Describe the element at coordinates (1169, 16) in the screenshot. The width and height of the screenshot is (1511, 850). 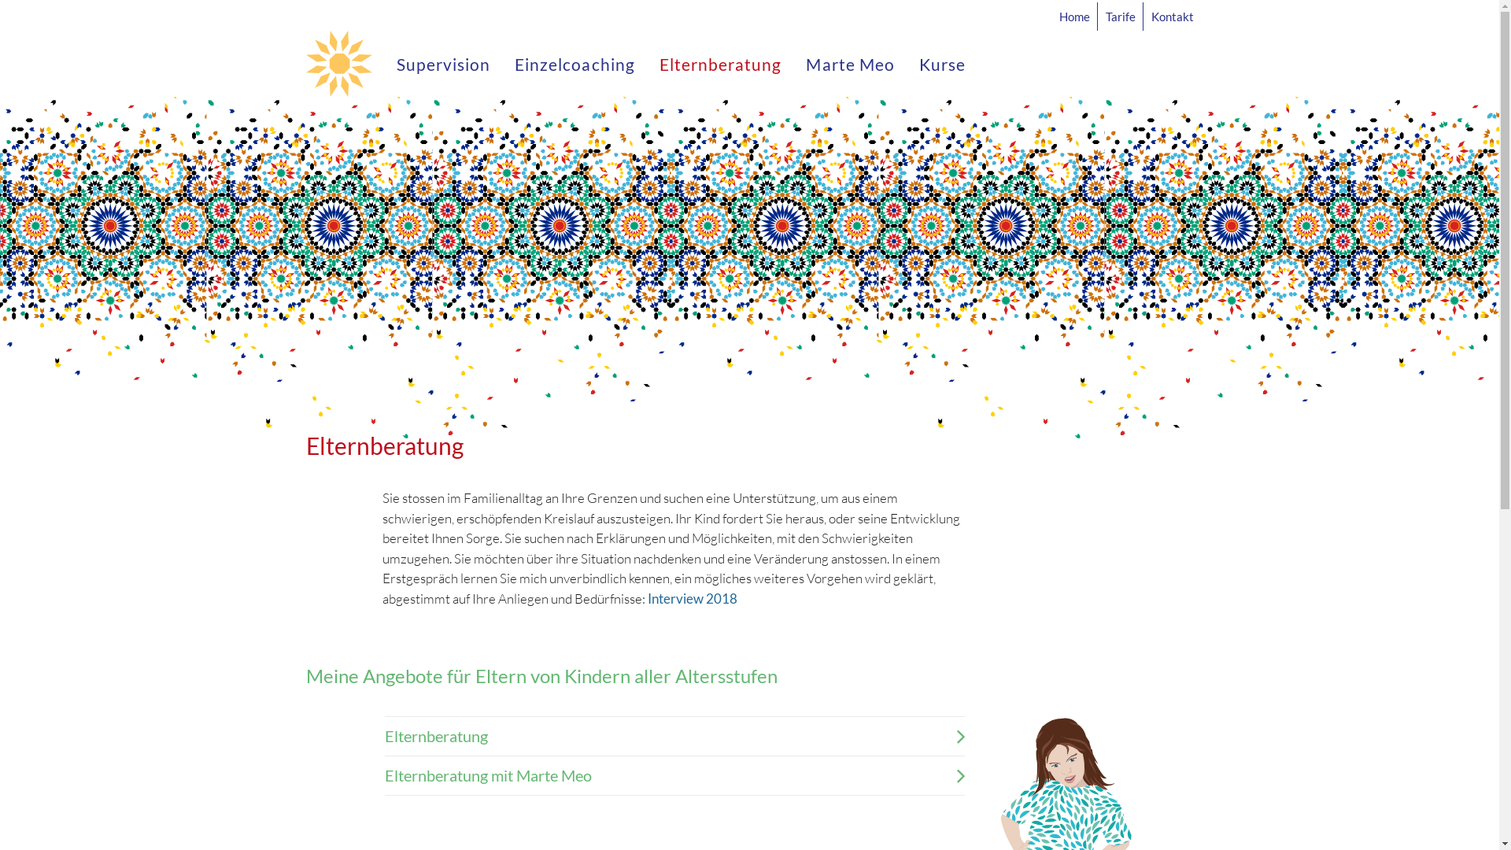
I see `'Kontakt'` at that location.